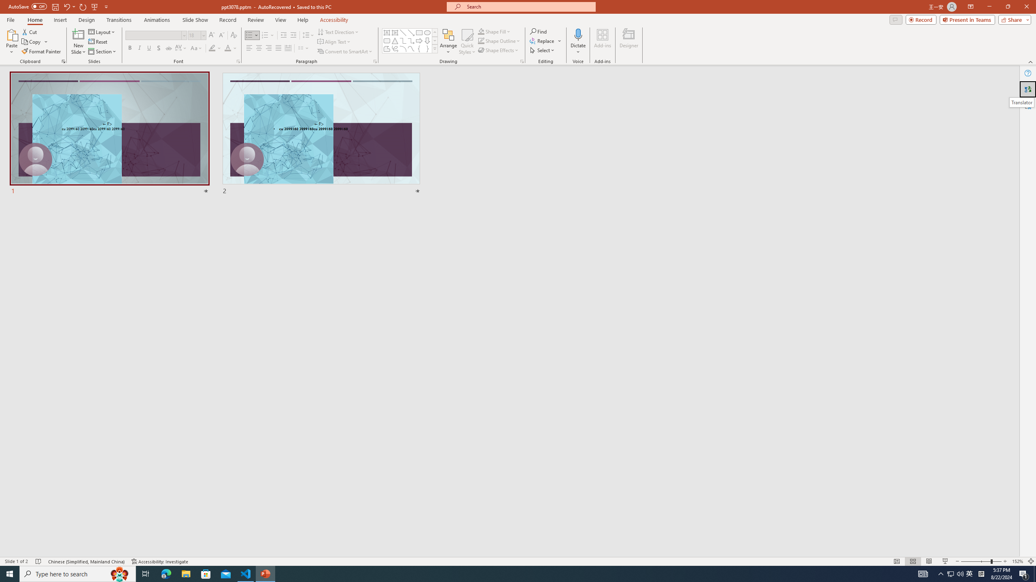  Describe the element at coordinates (481, 31) in the screenshot. I see `'Shape Fill Dark Green, Accent 2'` at that location.